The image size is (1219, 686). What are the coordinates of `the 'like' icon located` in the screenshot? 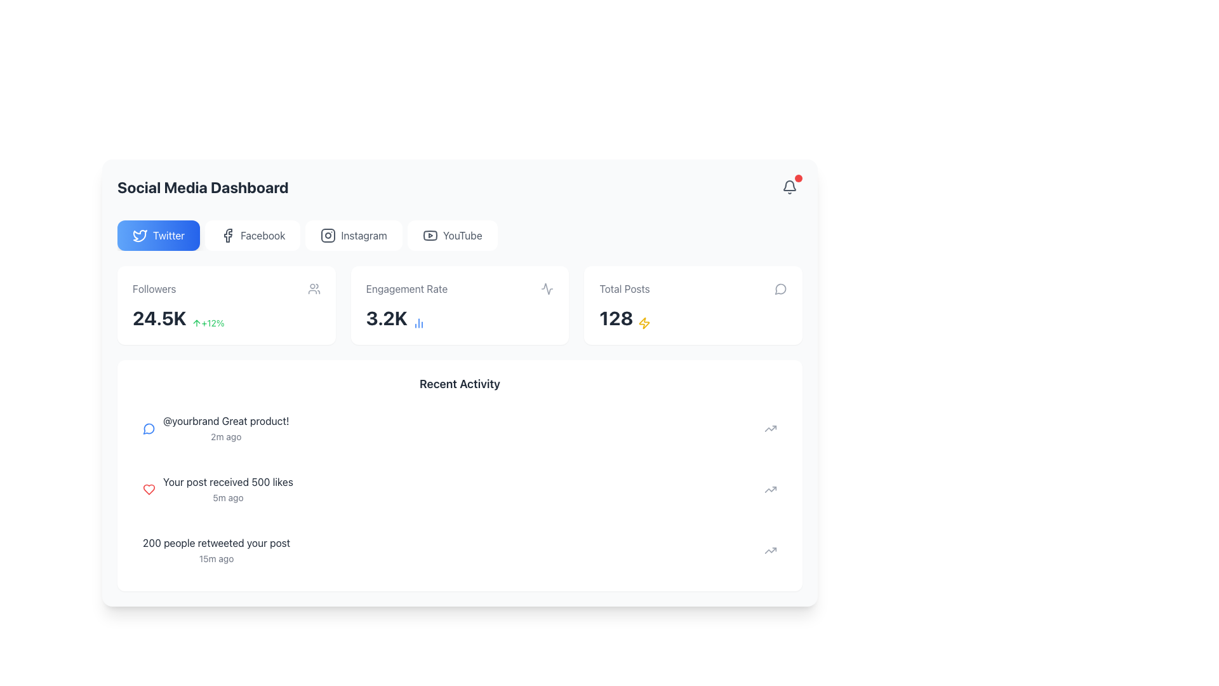 It's located at (149, 489).